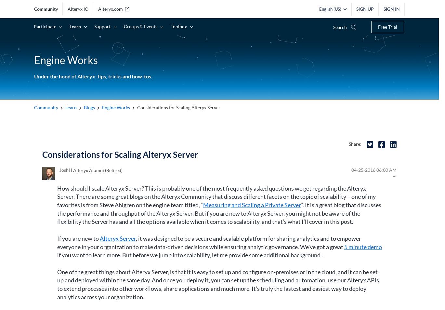 This screenshot has height=310, width=445. I want to click on 'How should I scale Alteryx Server? This is probably one of the most frequently asked questions we get regarding the Alteryx Server. There are some great blogs on the Alteryx Community that discuss different facets on the topic of scalability – one of my favorites is from Steve Ahlgren on the engine team titled, “', so click(216, 196).